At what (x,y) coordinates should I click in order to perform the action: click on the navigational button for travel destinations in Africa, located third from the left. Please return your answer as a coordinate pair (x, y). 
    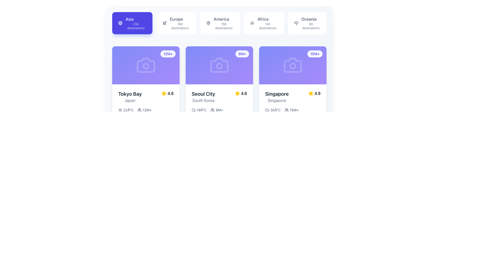
    Looking at the image, I should click on (267, 23).